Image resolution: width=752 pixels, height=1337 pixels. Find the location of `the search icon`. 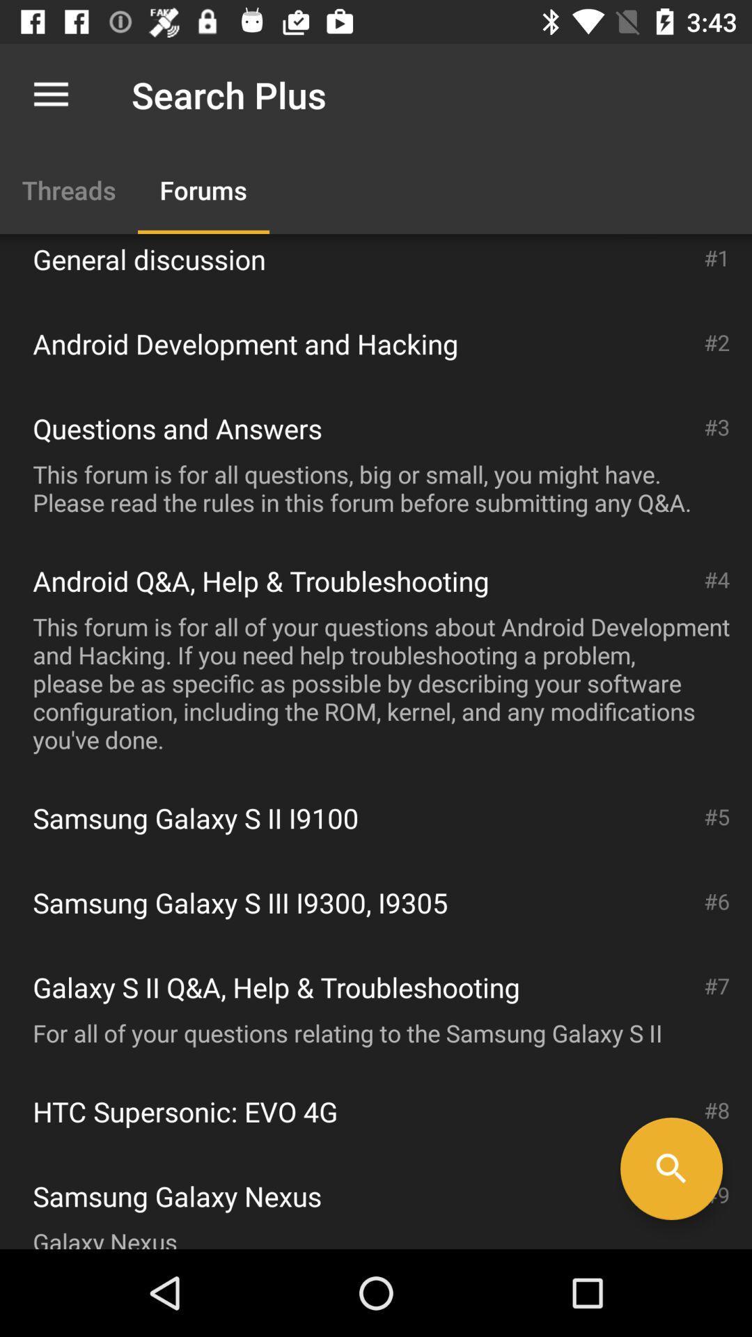

the search icon is located at coordinates (671, 1168).